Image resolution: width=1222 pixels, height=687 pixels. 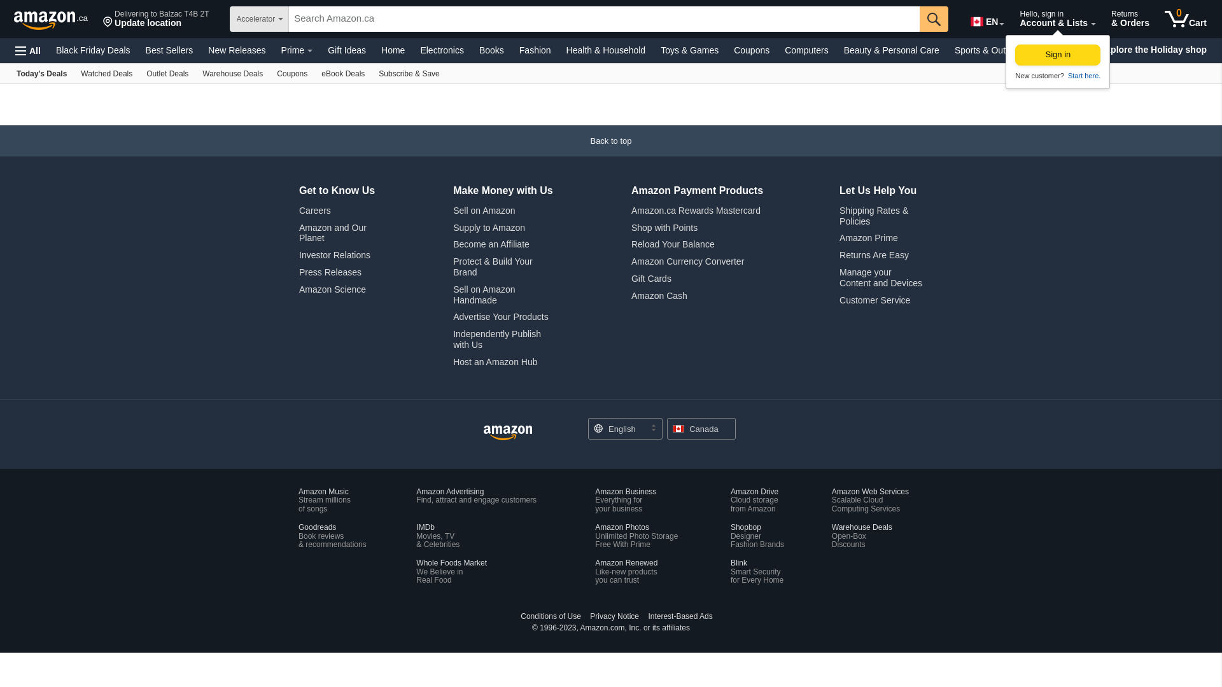 What do you see at coordinates (551, 615) in the screenshot?
I see `'Conditions of Use'` at bounding box center [551, 615].